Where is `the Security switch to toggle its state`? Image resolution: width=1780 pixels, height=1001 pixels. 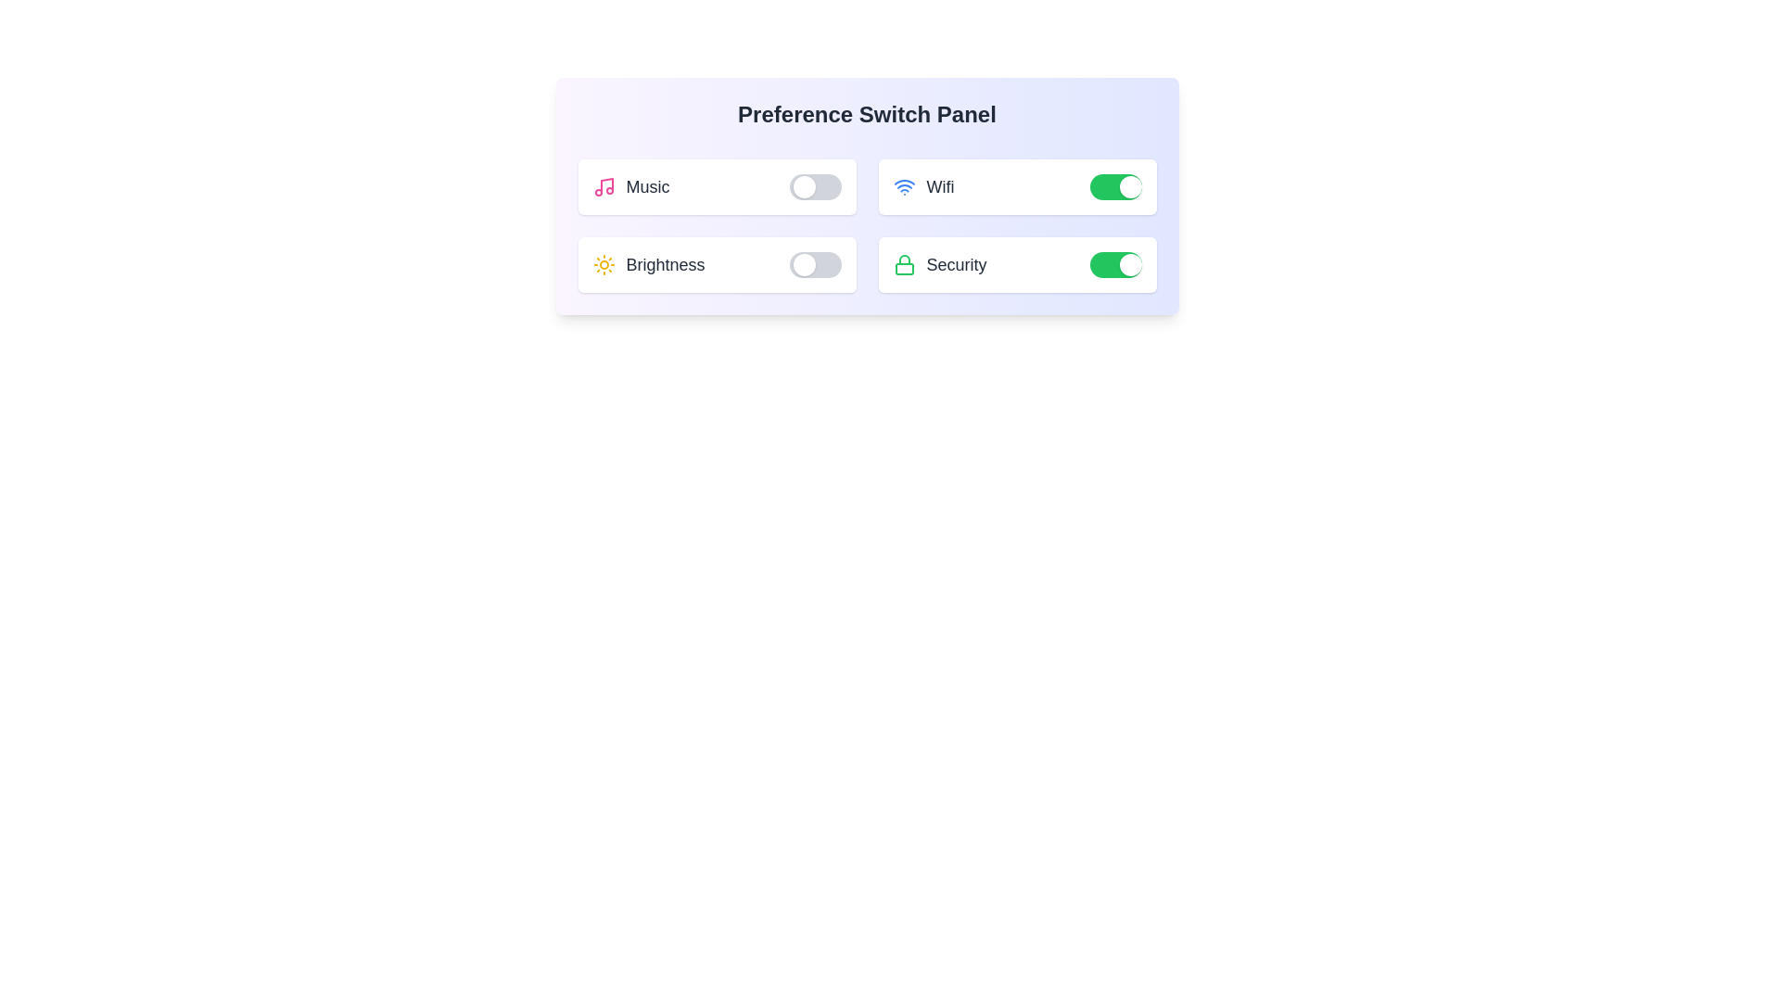
the Security switch to toggle its state is located at coordinates (1114, 264).